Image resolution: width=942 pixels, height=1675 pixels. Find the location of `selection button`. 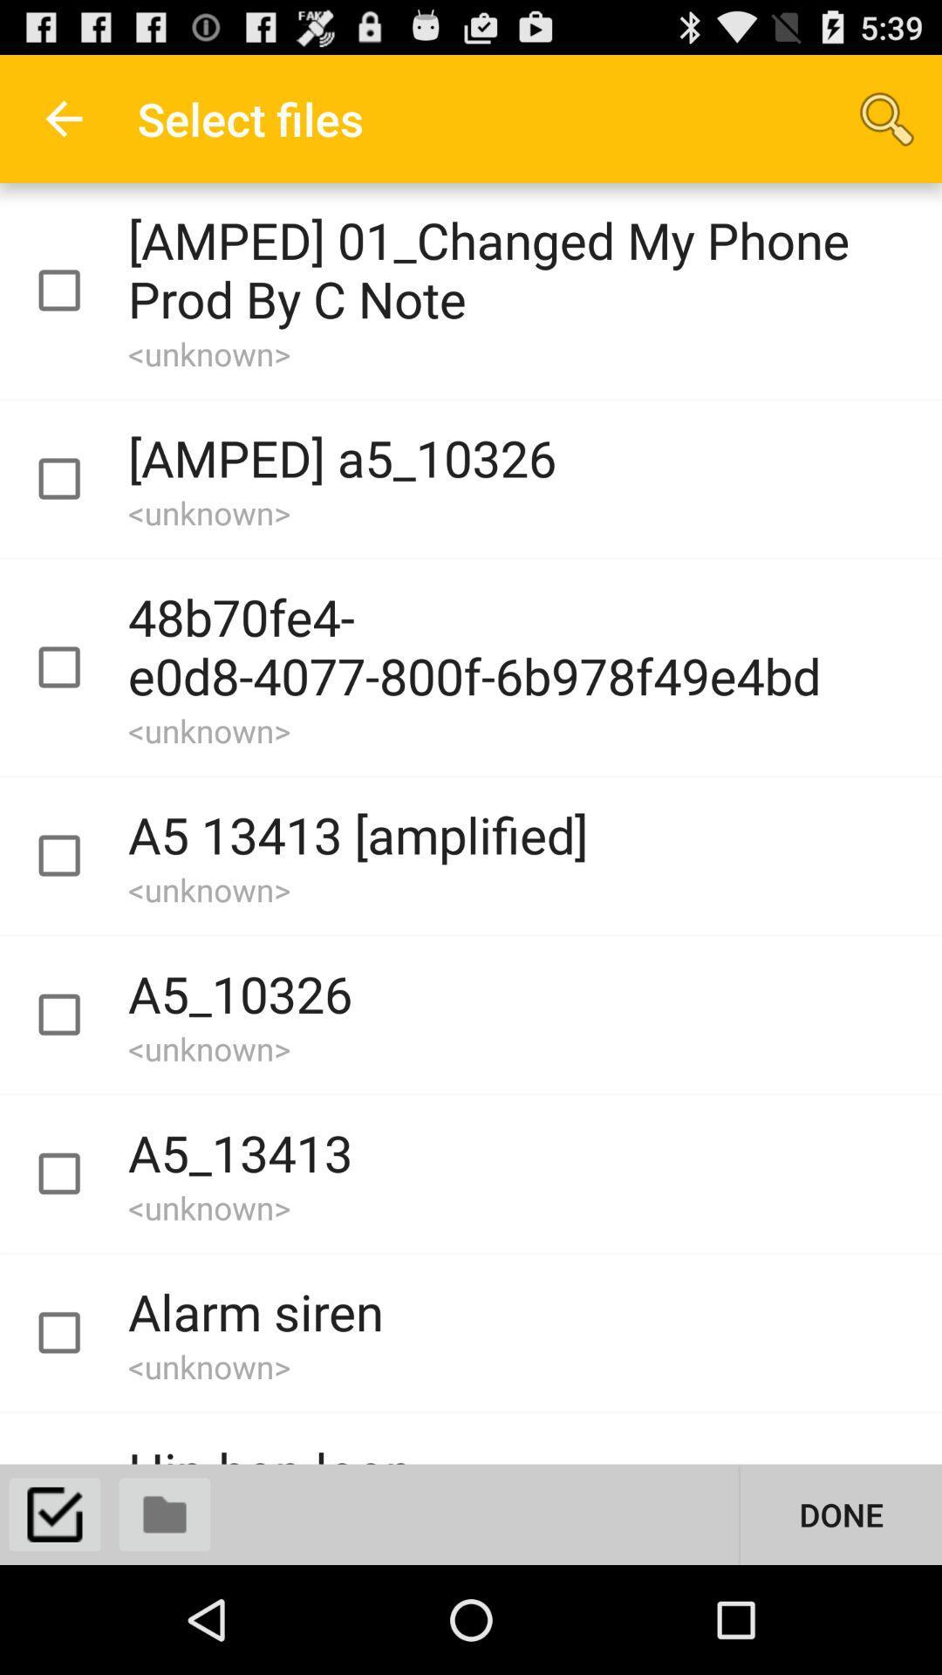

selection button is located at coordinates (53, 1514).